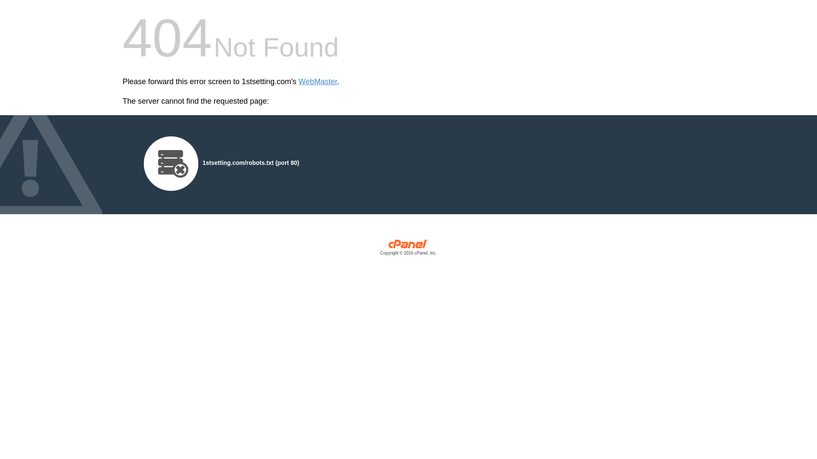  I want to click on 'WebMaster', so click(317, 82).